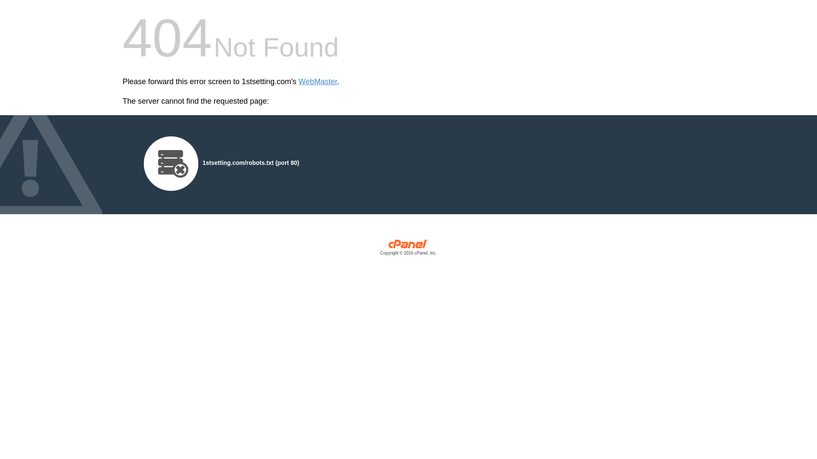  I want to click on 'WebMaster', so click(317, 82).